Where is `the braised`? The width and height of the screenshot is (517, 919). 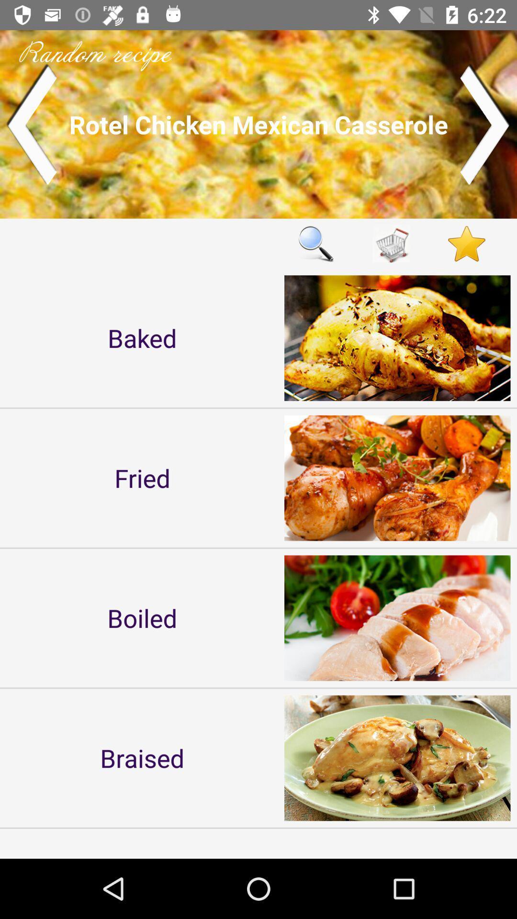
the braised is located at coordinates (142, 757).